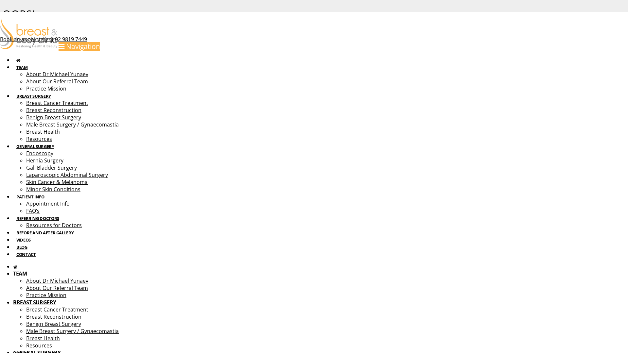 Image resolution: width=628 pixels, height=353 pixels. What do you see at coordinates (26, 295) in the screenshot?
I see `'Practice Mission'` at bounding box center [26, 295].